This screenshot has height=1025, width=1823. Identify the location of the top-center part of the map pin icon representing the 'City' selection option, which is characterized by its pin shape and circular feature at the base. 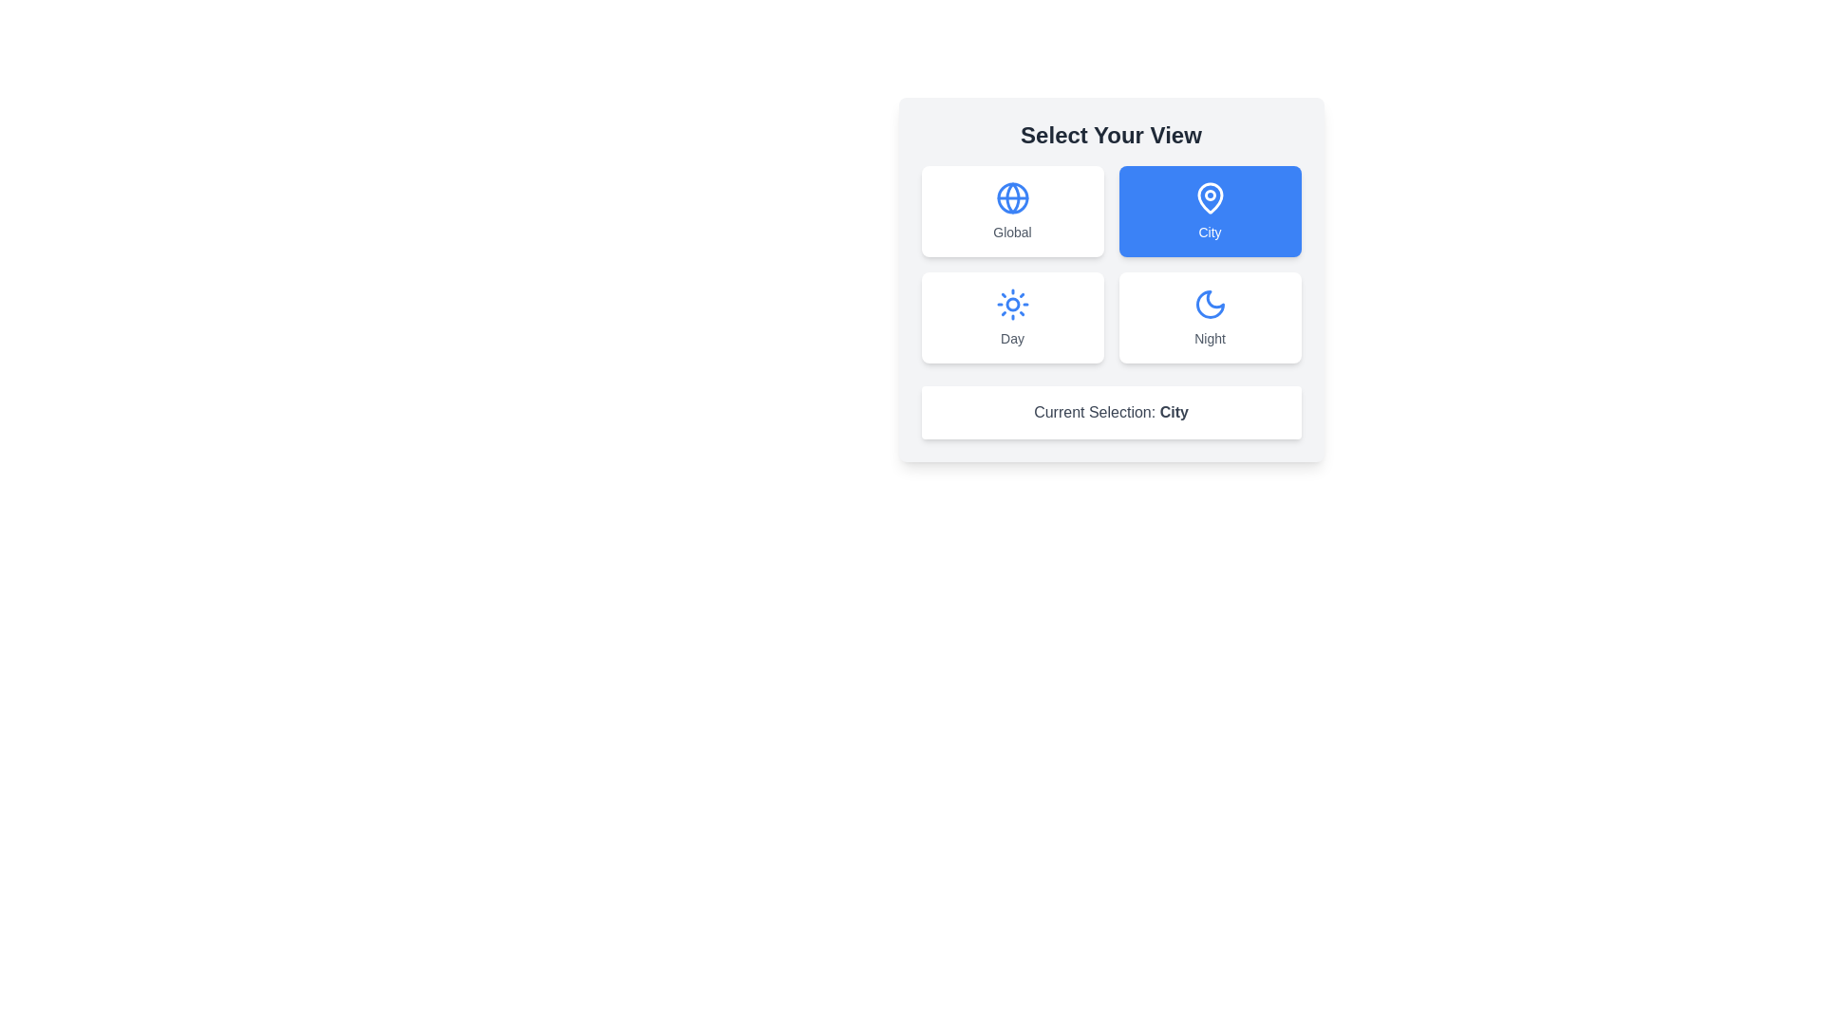
(1209, 197).